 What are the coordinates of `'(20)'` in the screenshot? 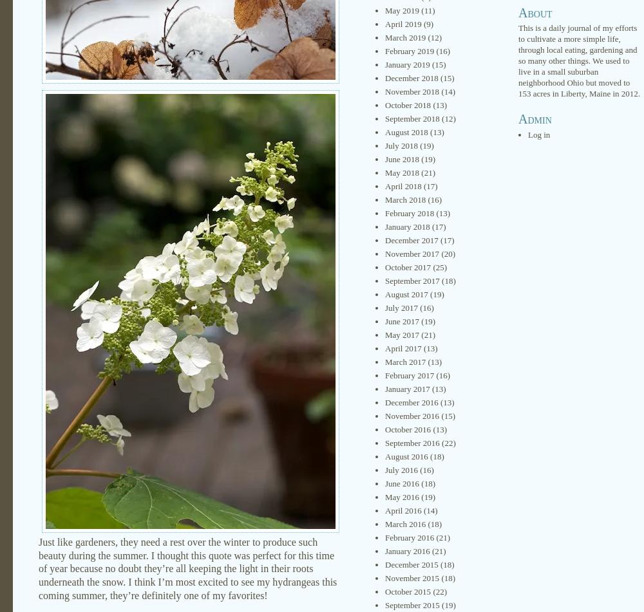 It's located at (446, 254).